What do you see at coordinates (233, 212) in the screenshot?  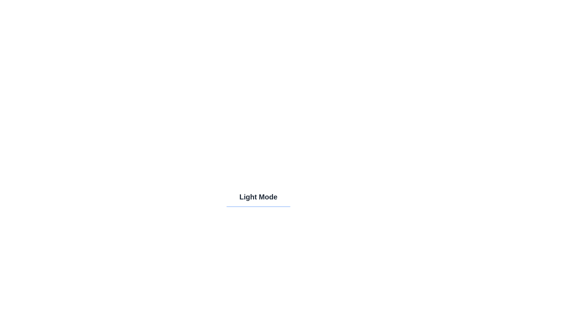 I see `the icon within the button to observe the current theme representation` at bounding box center [233, 212].